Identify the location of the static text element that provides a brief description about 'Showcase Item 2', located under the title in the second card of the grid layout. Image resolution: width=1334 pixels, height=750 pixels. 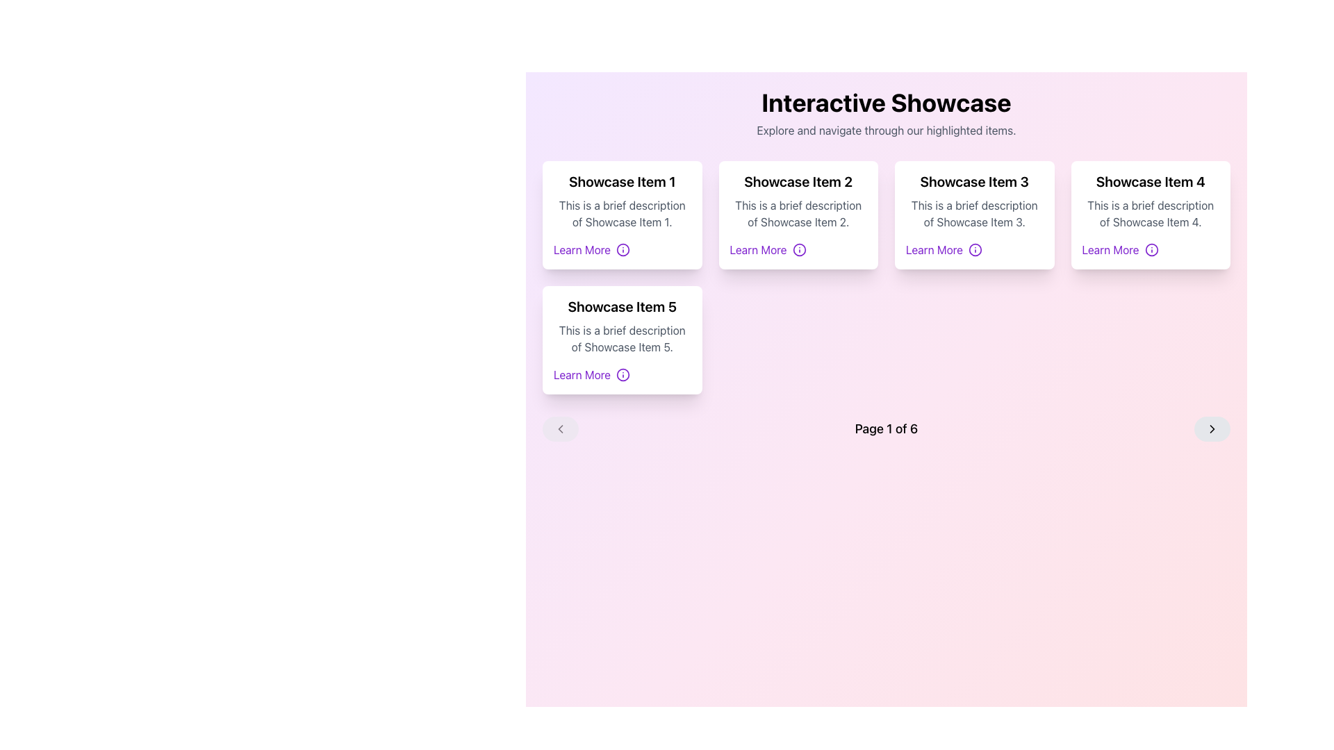
(798, 214).